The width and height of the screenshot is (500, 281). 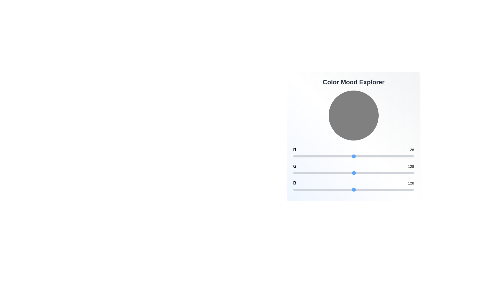 What do you see at coordinates (385, 156) in the screenshot?
I see `the red channel slider to 193 value` at bounding box center [385, 156].